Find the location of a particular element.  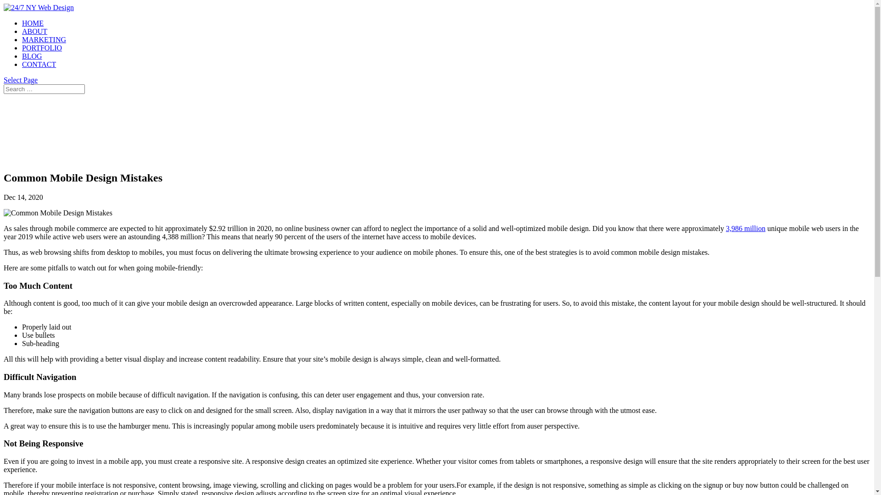

'Select Page' is located at coordinates (20, 79).